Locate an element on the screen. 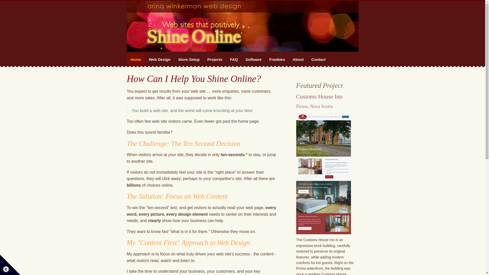 This screenshot has width=489, height=275. 'Contact' is located at coordinates (307, 59).